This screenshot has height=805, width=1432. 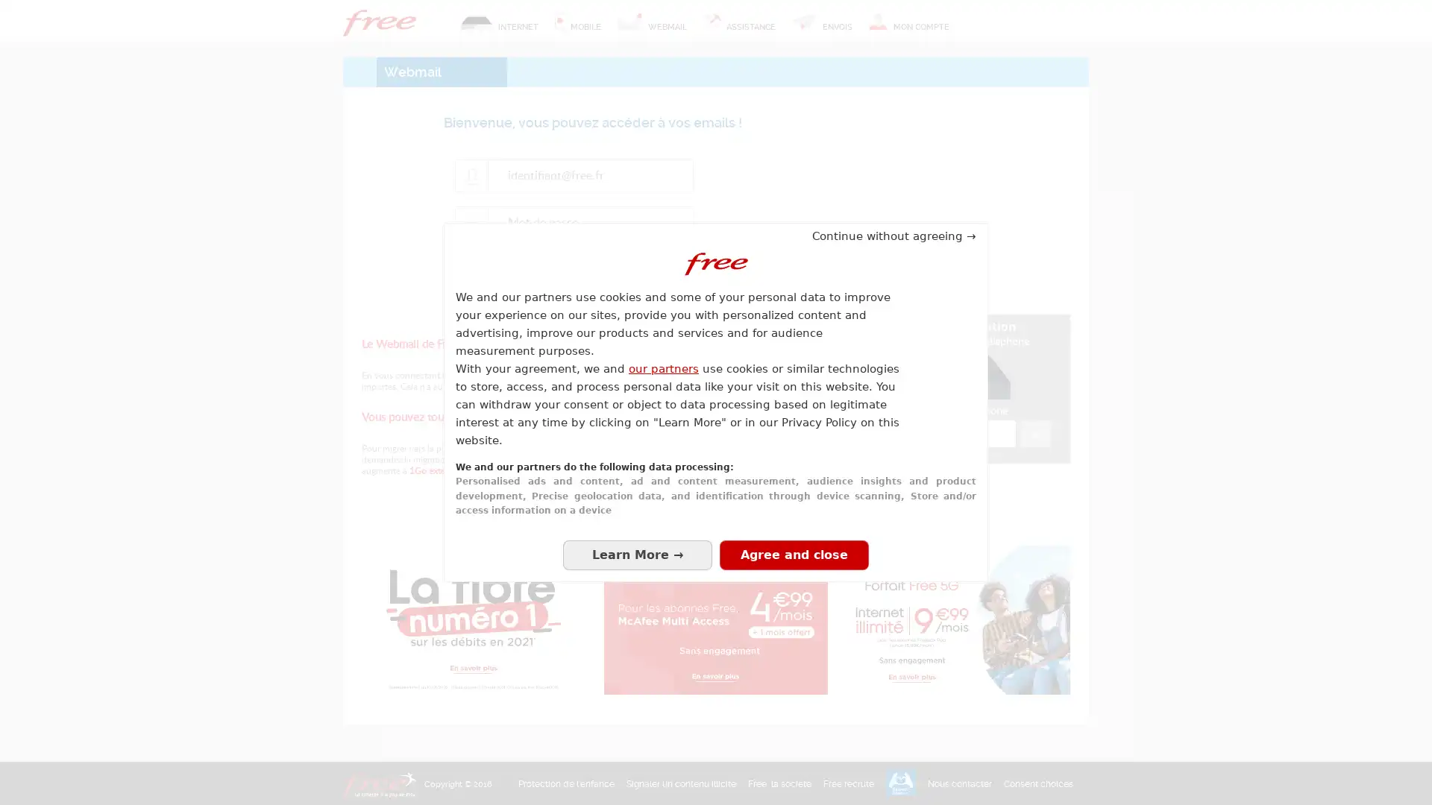 I want to click on Agree to our data processing and close, so click(x=794, y=555).